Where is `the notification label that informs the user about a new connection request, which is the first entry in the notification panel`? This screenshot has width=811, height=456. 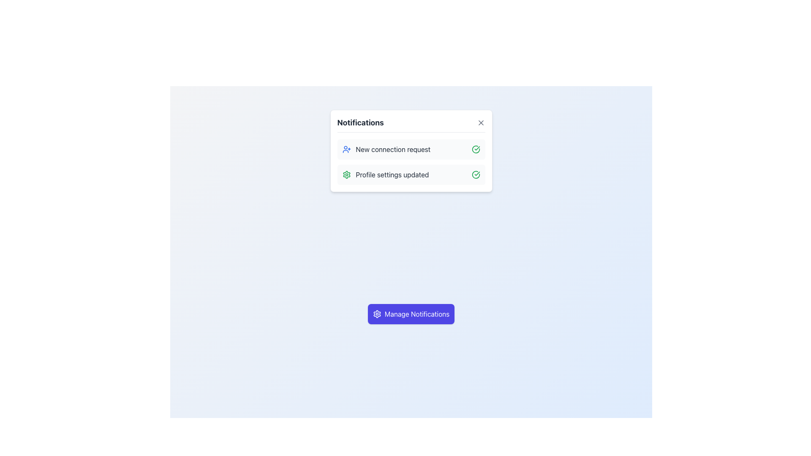
the notification label that informs the user about a new connection request, which is the first entry in the notification panel is located at coordinates (392, 149).